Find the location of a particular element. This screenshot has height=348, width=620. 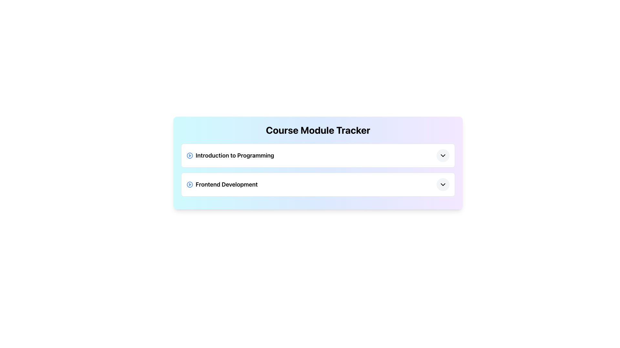

the Dropdown Icon located to the right of the 'Introduction to Programming' text is located at coordinates (443, 155).